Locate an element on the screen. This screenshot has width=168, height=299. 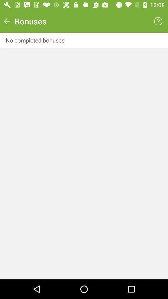
icon at the top right corner is located at coordinates (158, 21).